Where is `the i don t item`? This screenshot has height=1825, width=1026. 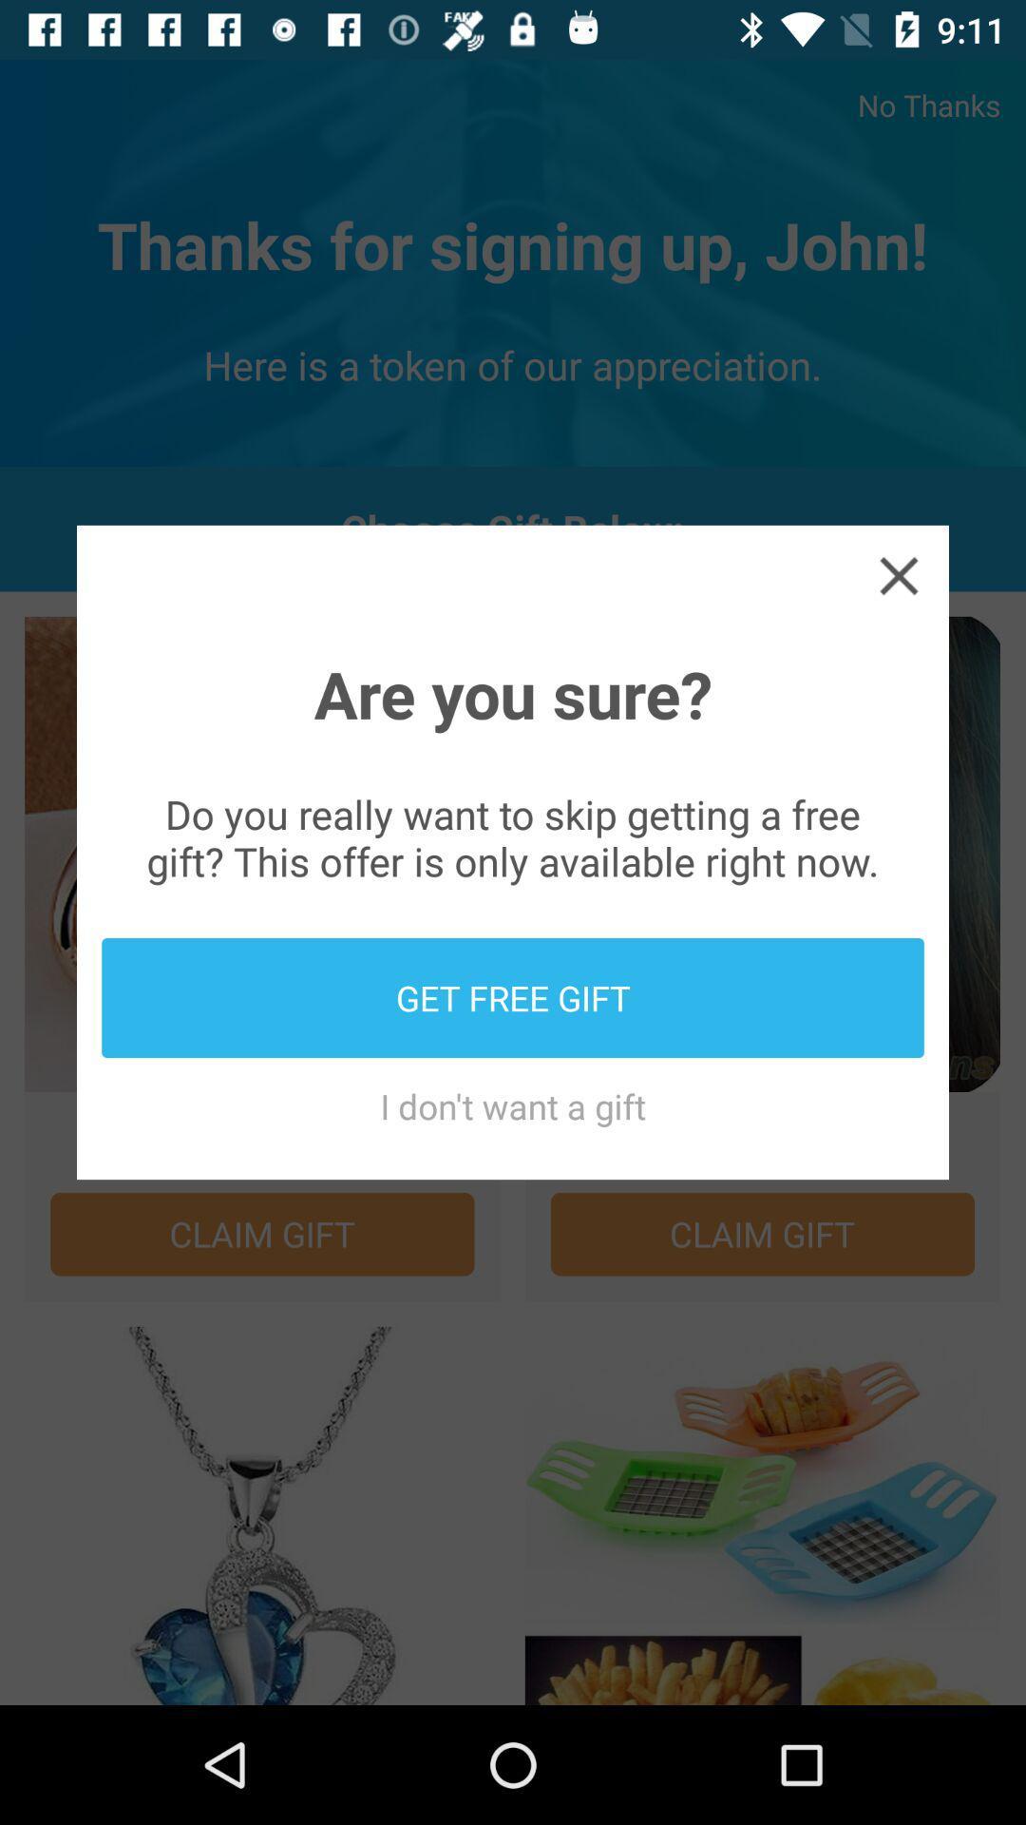
the i don t item is located at coordinates (513, 1105).